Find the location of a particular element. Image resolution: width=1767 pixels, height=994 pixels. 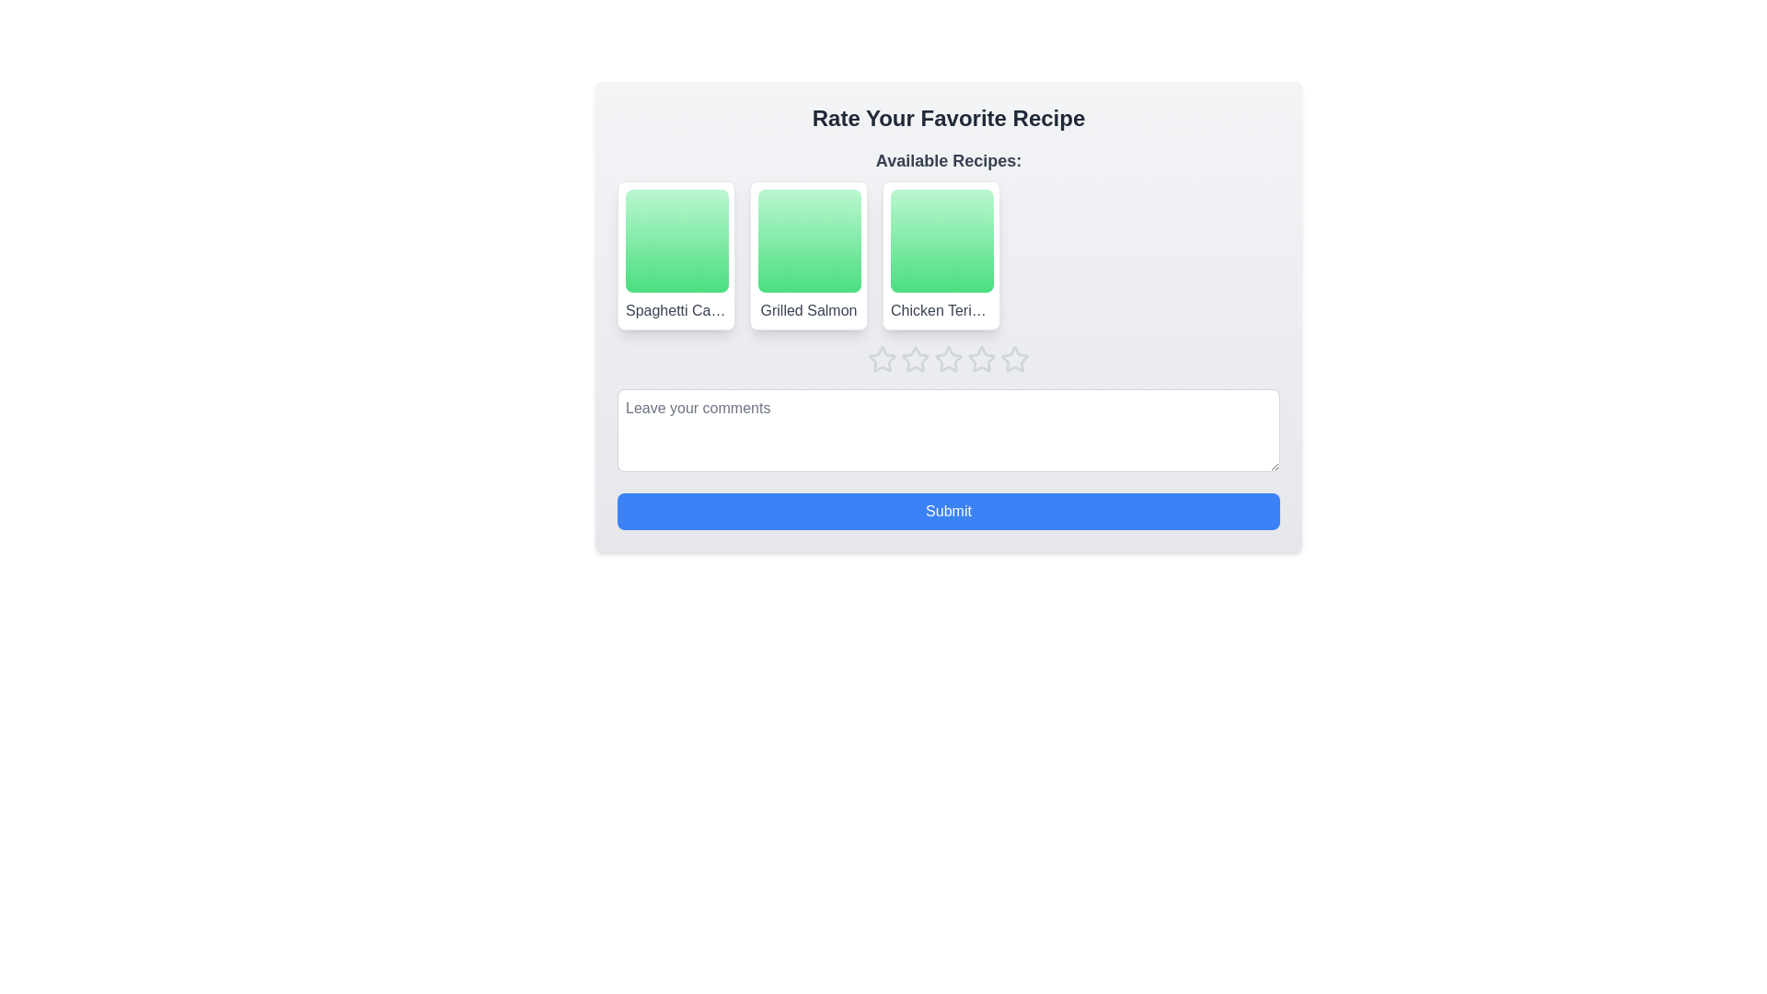

the Decorative display area that visually represents a recipe category, located at the top section of a white card with the title 'Spaghetti Carbonara' beneath it is located at coordinates (676, 240).